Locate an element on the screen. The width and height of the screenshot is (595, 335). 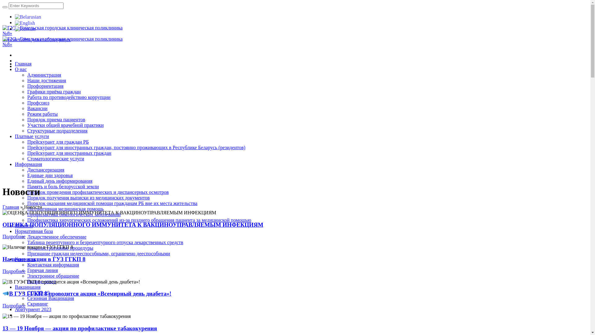
'Belarusian' is located at coordinates (28, 16).